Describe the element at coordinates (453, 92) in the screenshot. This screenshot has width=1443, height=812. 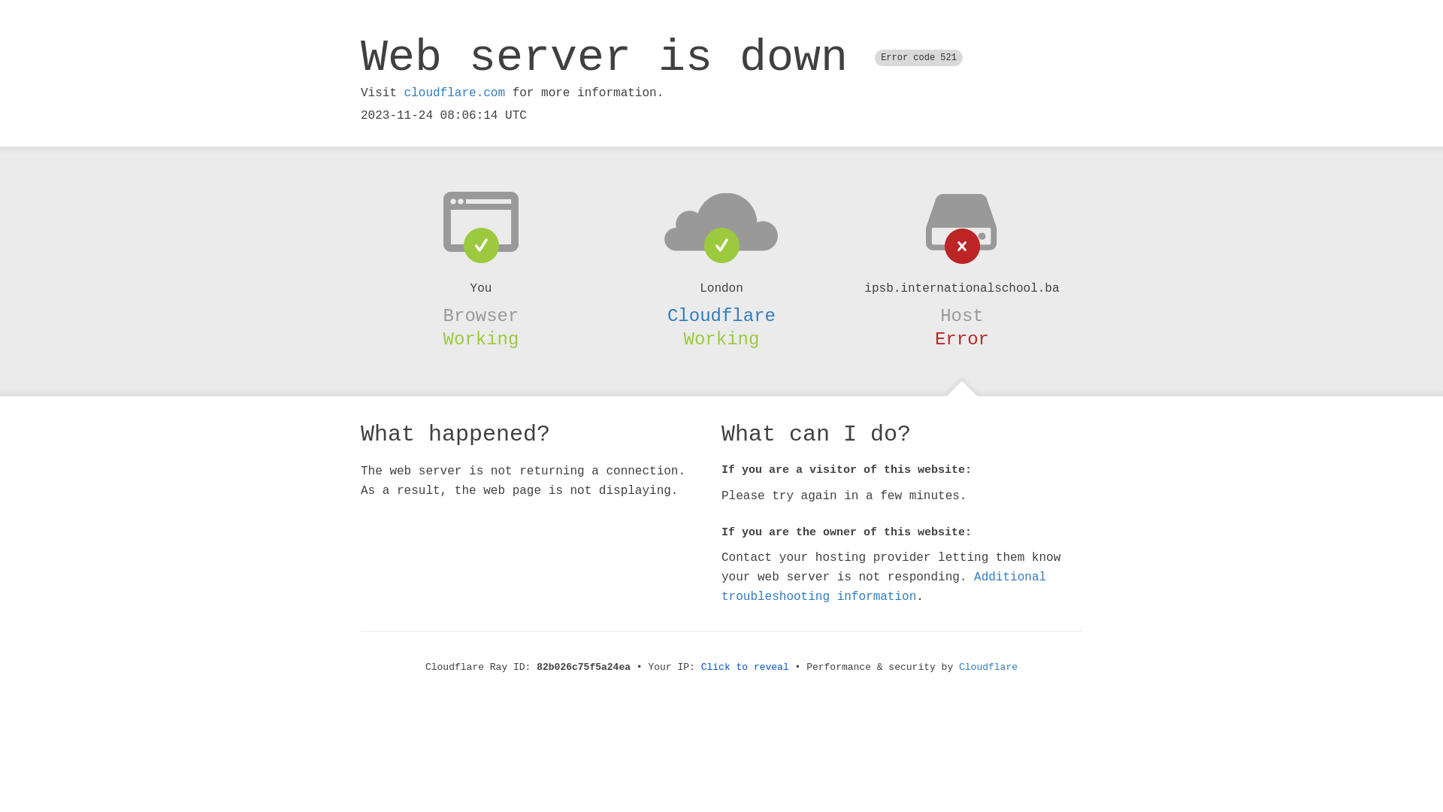
I see `'cloudflare.com'` at that location.